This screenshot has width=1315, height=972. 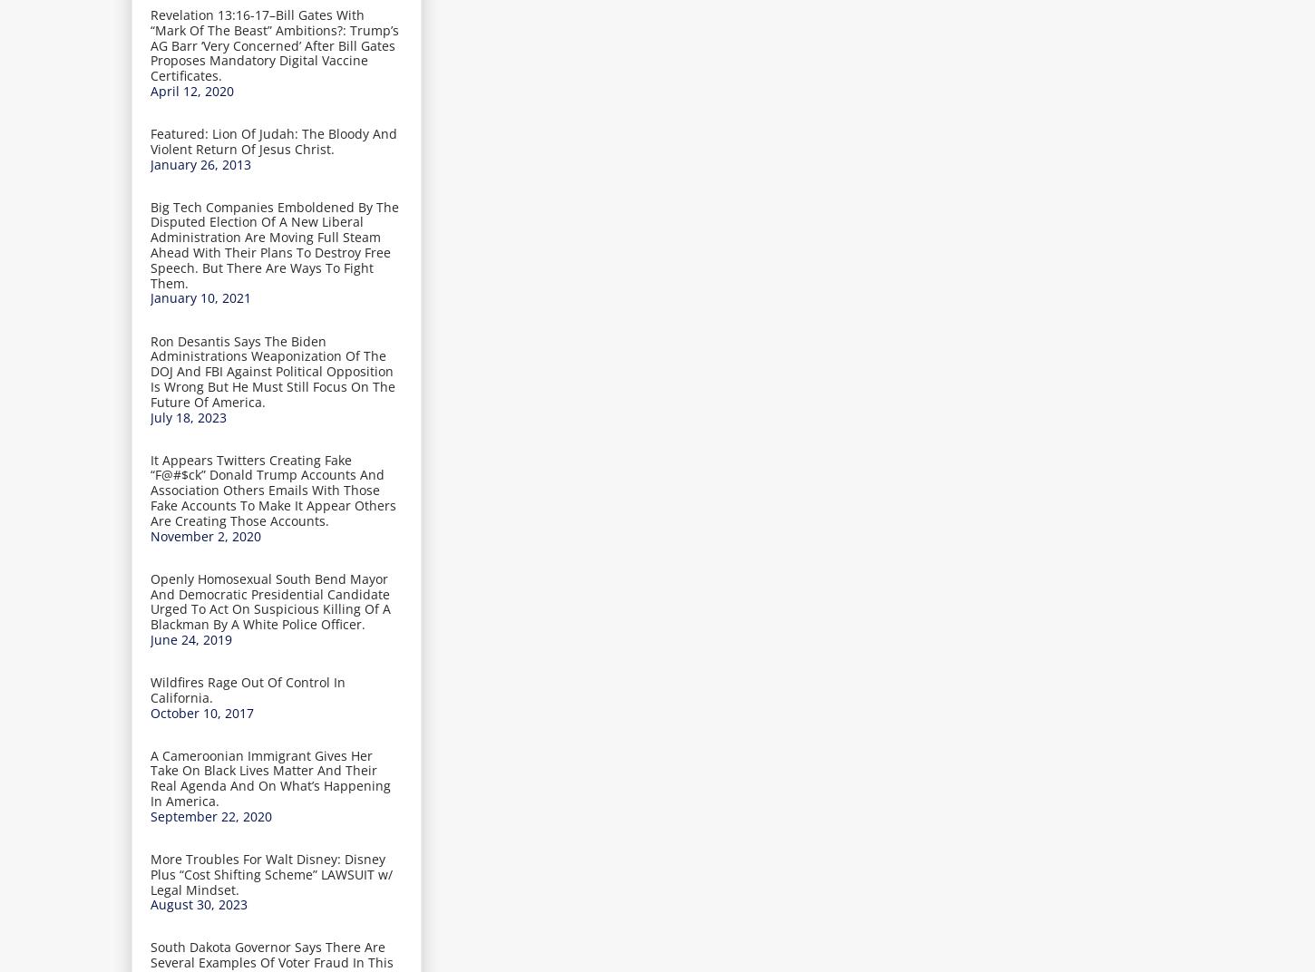 What do you see at coordinates (187, 415) in the screenshot?
I see `'July 18, 2023'` at bounding box center [187, 415].